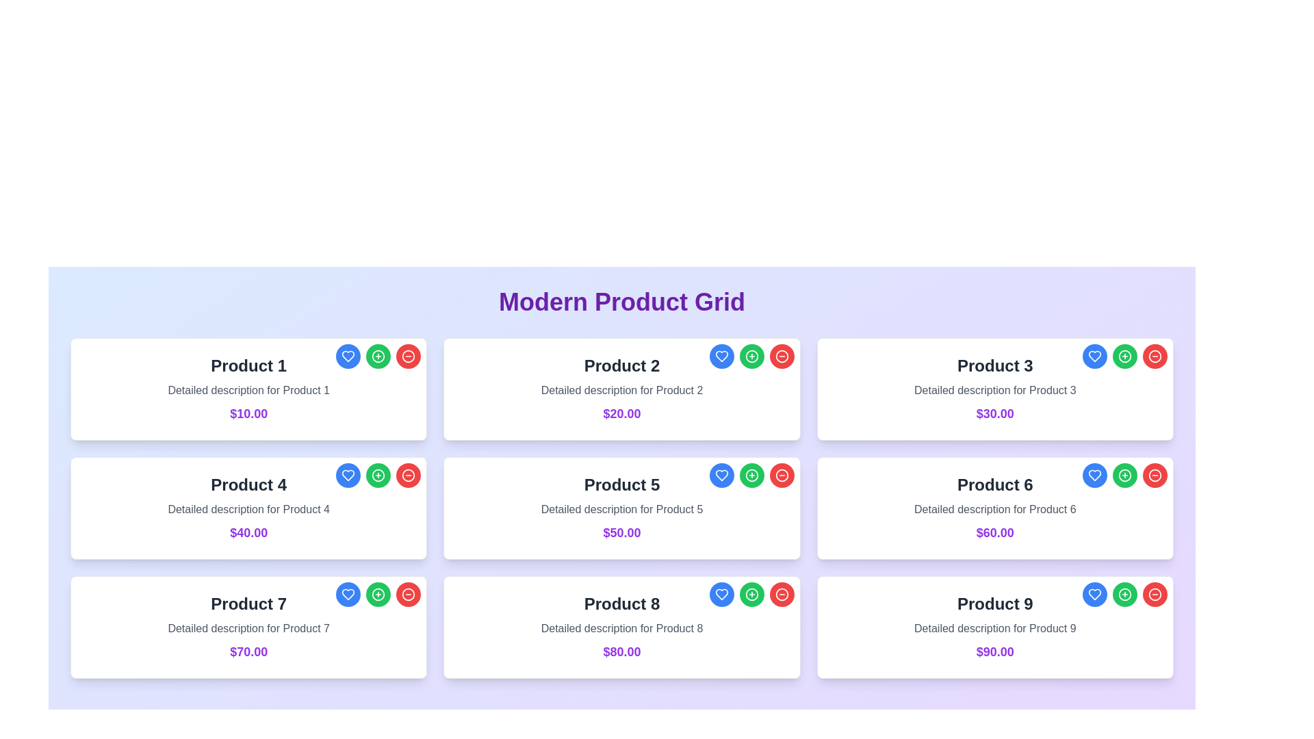  What do you see at coordinates (1155, 593) in the screenshot?
I see `the SVG Circle Element located at the top-right corner of the card labeled 'Product 9' in the grid` at bounding box center [1155, 593].